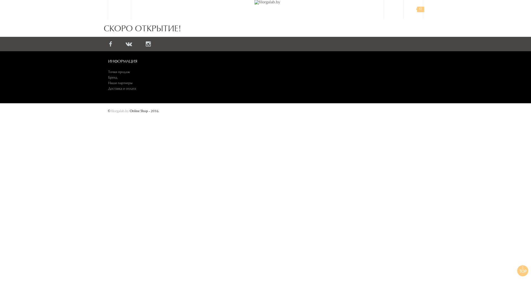 The width and height of the screenshot is (531, 299). Describe the element at coordinates (267, 3) in the screenshot. I see `'filorgalab.by'` at that location.